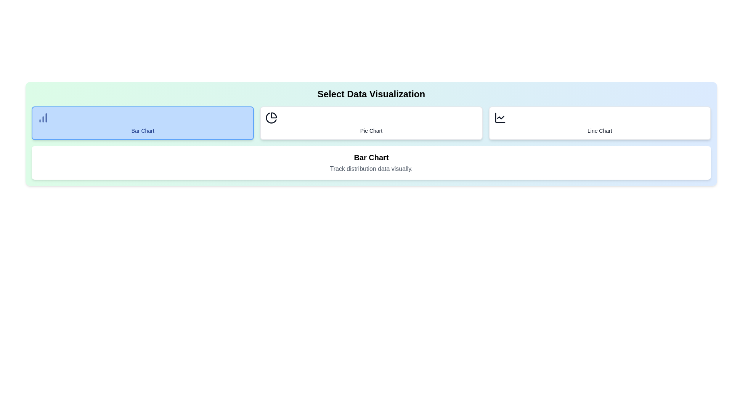  What do you see at coordinates (371, 123) in the screenshot?
I see `the button for selecting the 'Pie Chart' data visualization type, located centrally in the selection panel, between 'Bar Chart' and 'Line Chart'` at bounding box center [371, 123].